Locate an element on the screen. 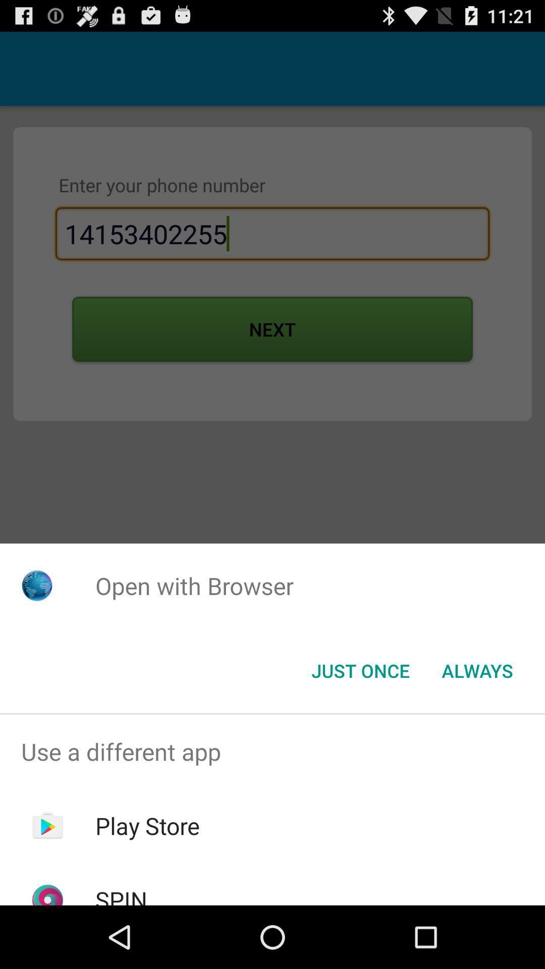  app above play store item is located at coordinates (272, 751).